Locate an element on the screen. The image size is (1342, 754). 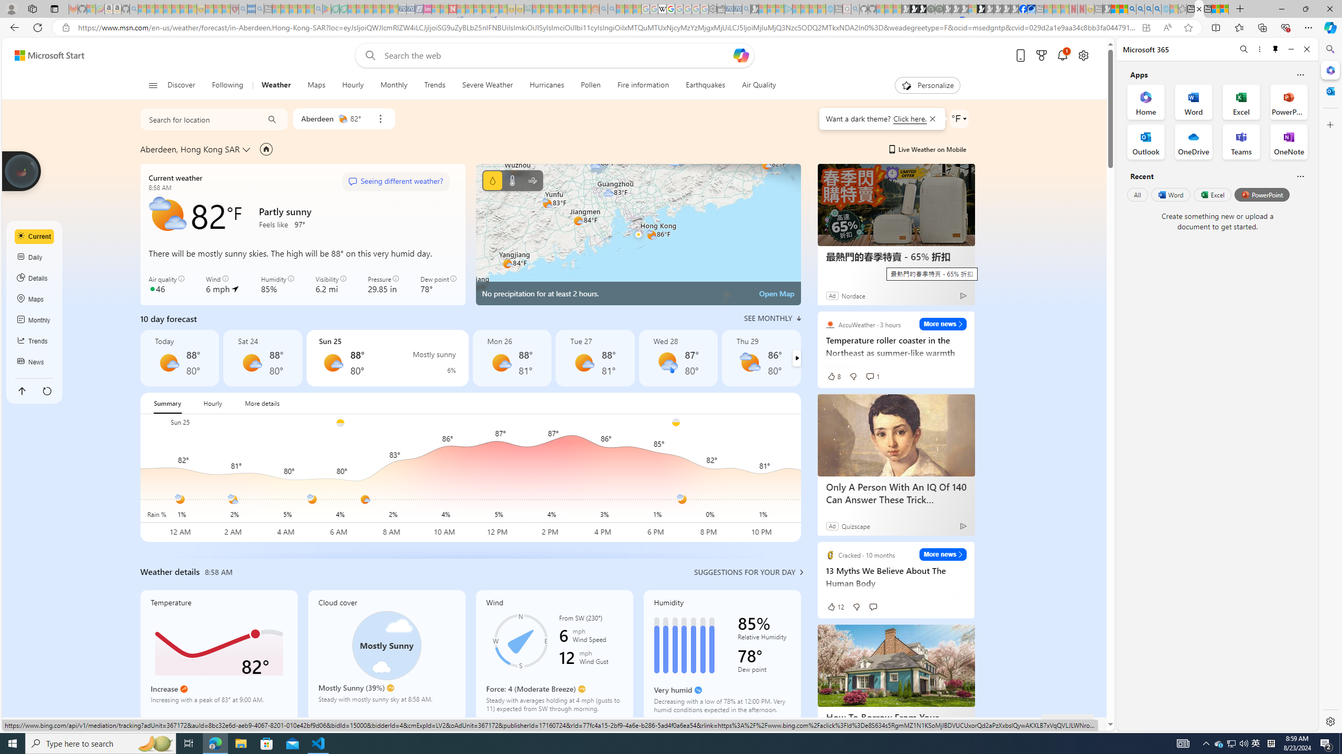
'Enter your search term' is located at coordinates (556, 54).